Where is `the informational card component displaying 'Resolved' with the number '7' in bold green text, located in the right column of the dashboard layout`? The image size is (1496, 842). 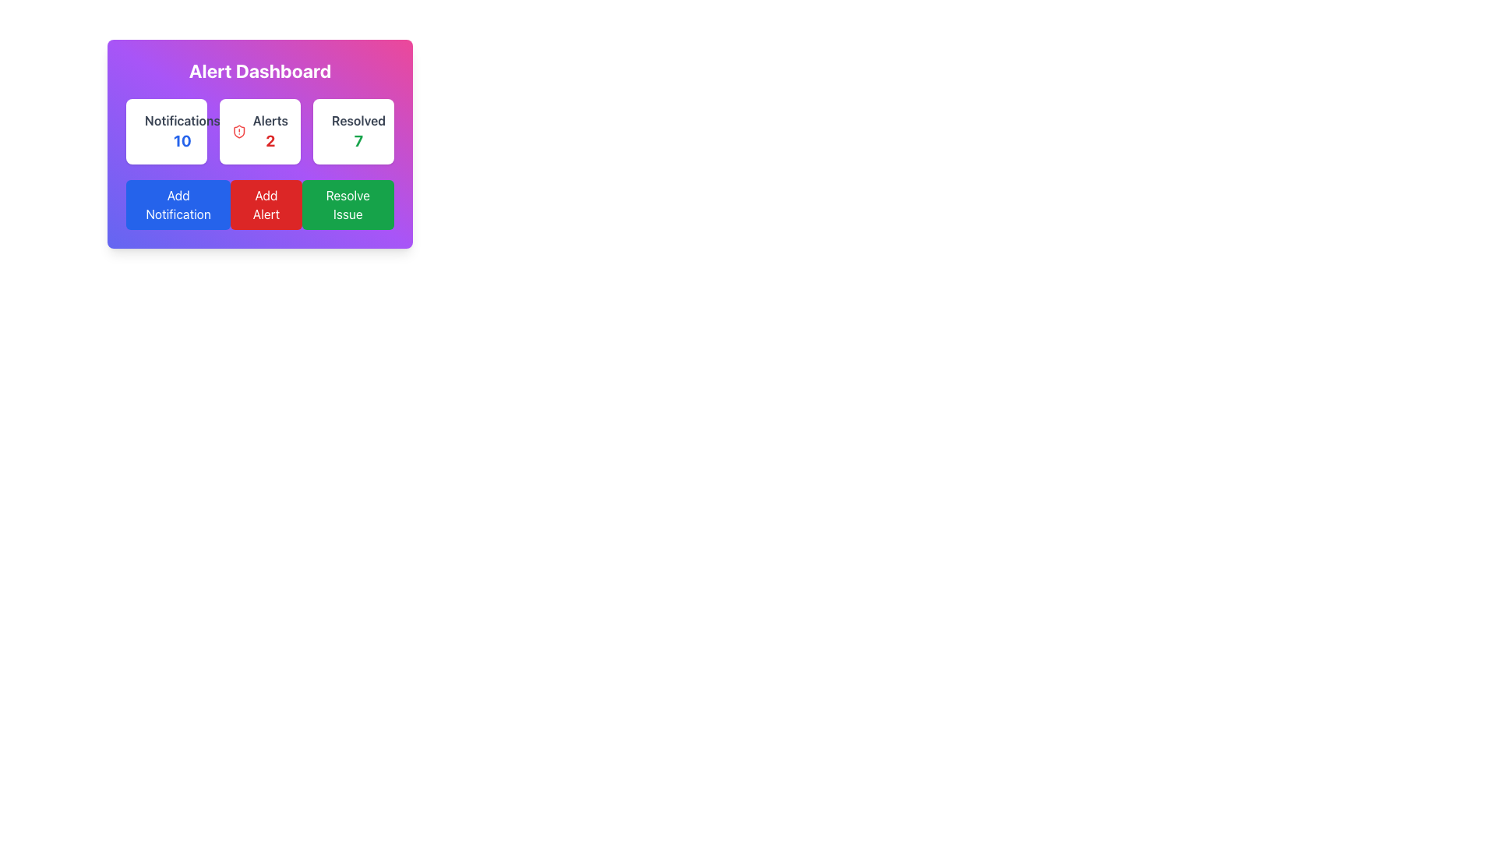 the informational card component displaying 'Resolved' with the number '7' in bold green text, located in the right column of the dashboard layout is located at coordinates (353, 131).